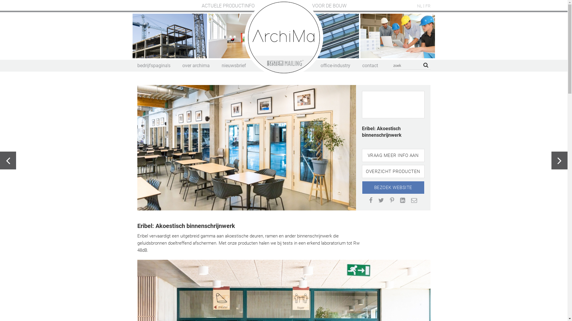  I want to click on 'bedrijfspagina's', so click(137, 65).